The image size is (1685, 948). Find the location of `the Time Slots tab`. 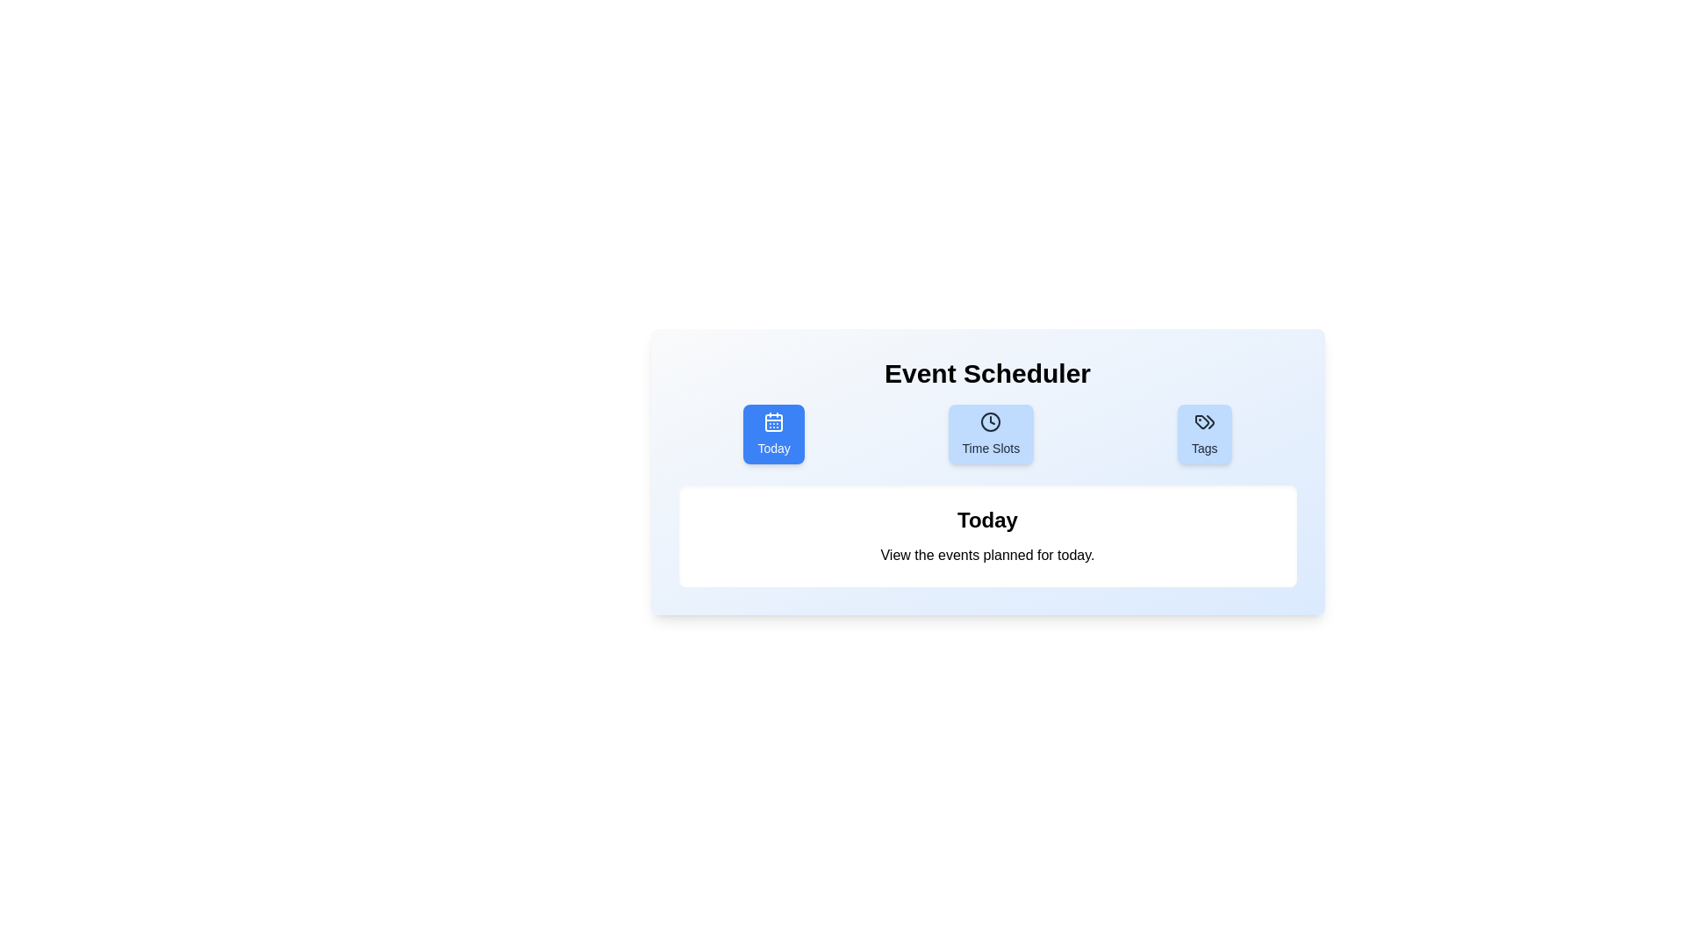

the Time Slots tab is located at coordinates (991, 434).